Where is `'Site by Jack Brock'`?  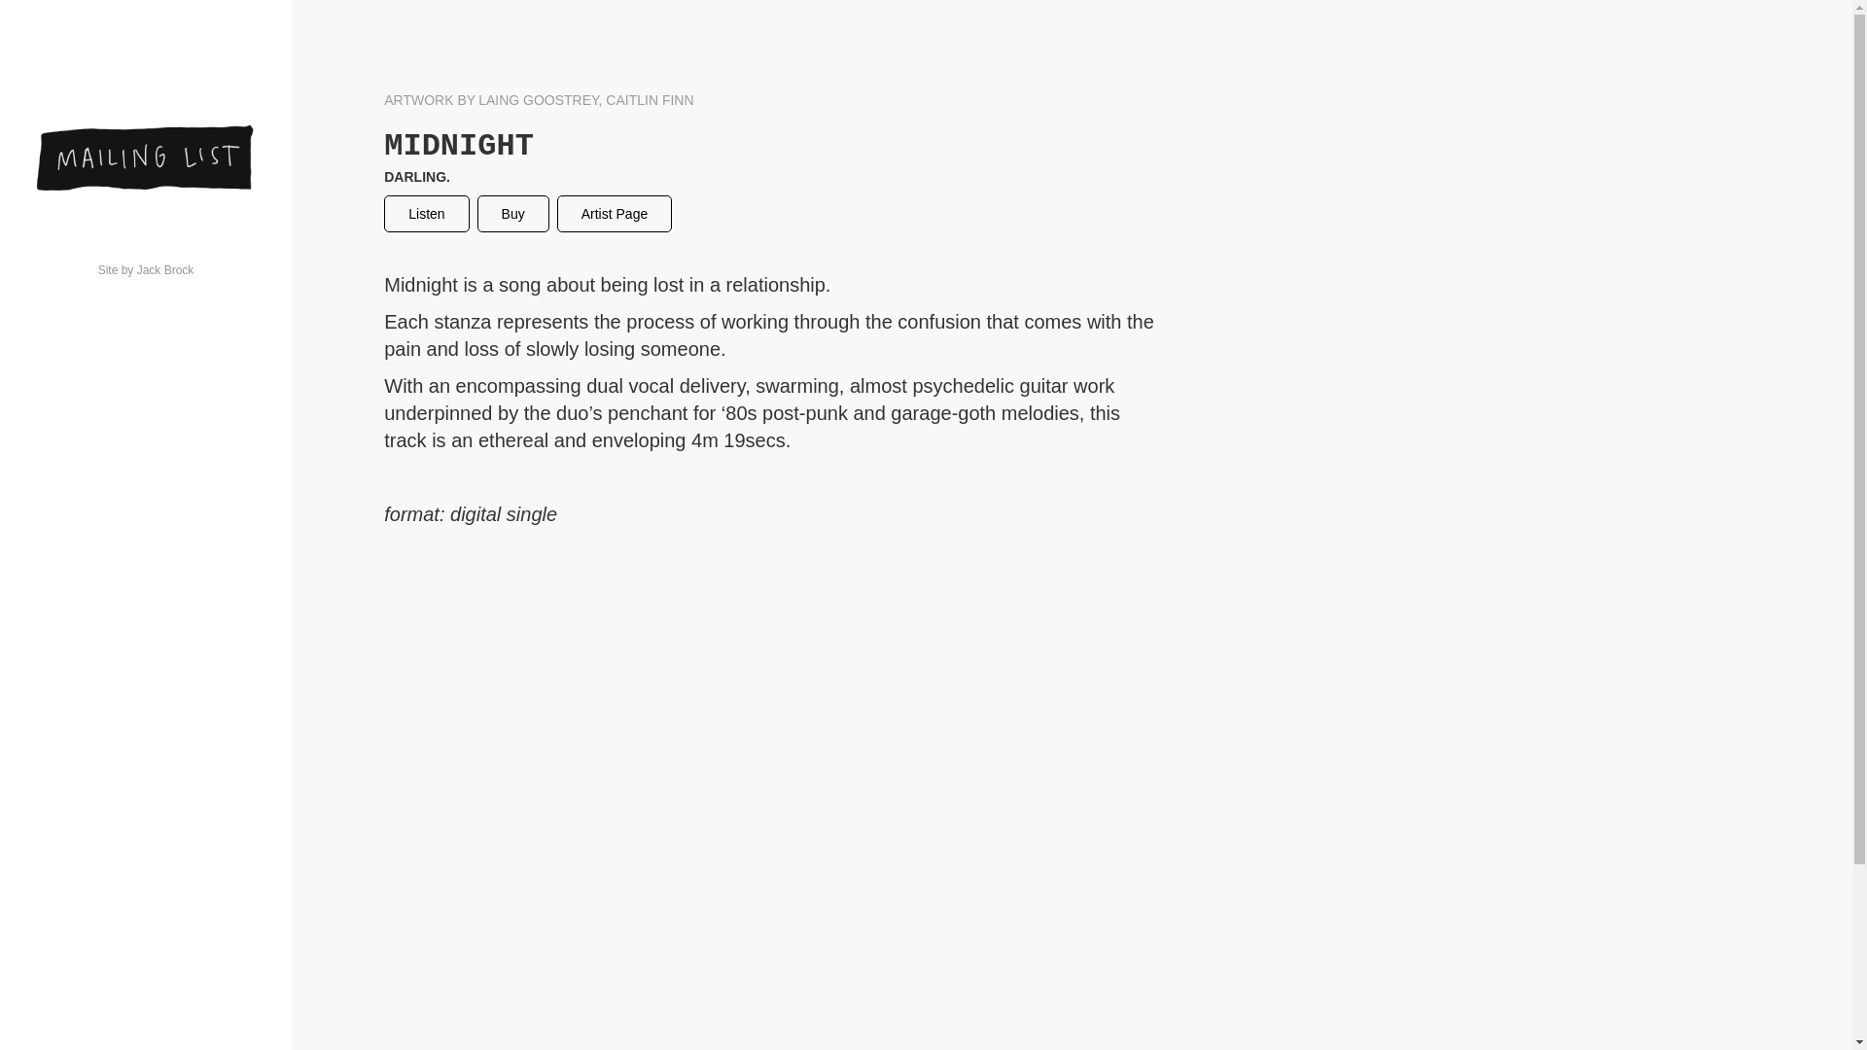
'Site by Jack Brock' is located at coordinates (31, 269).